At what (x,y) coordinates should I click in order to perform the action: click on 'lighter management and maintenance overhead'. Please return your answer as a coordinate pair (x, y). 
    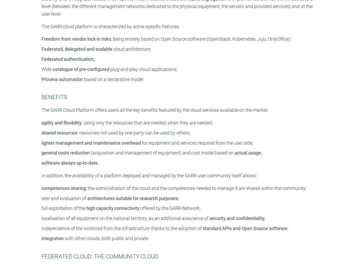
    Looking at the image, I should click on (41, 143).